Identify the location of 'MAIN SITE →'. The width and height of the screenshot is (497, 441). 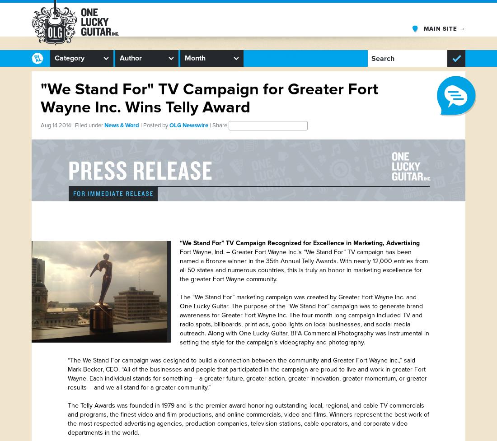
(444, 28).